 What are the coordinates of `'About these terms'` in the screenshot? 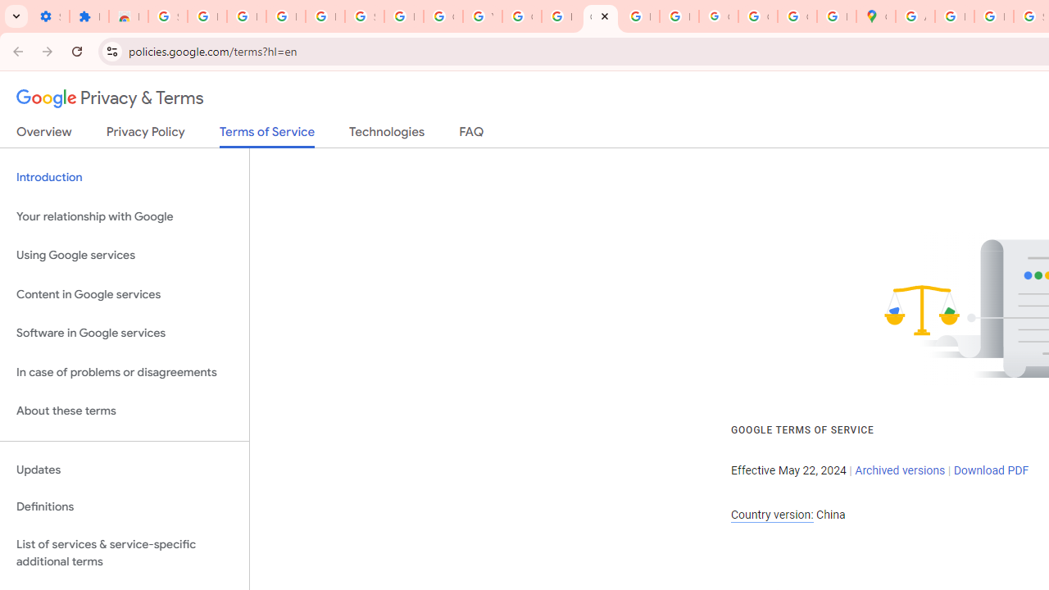 It's located at (124, 411).